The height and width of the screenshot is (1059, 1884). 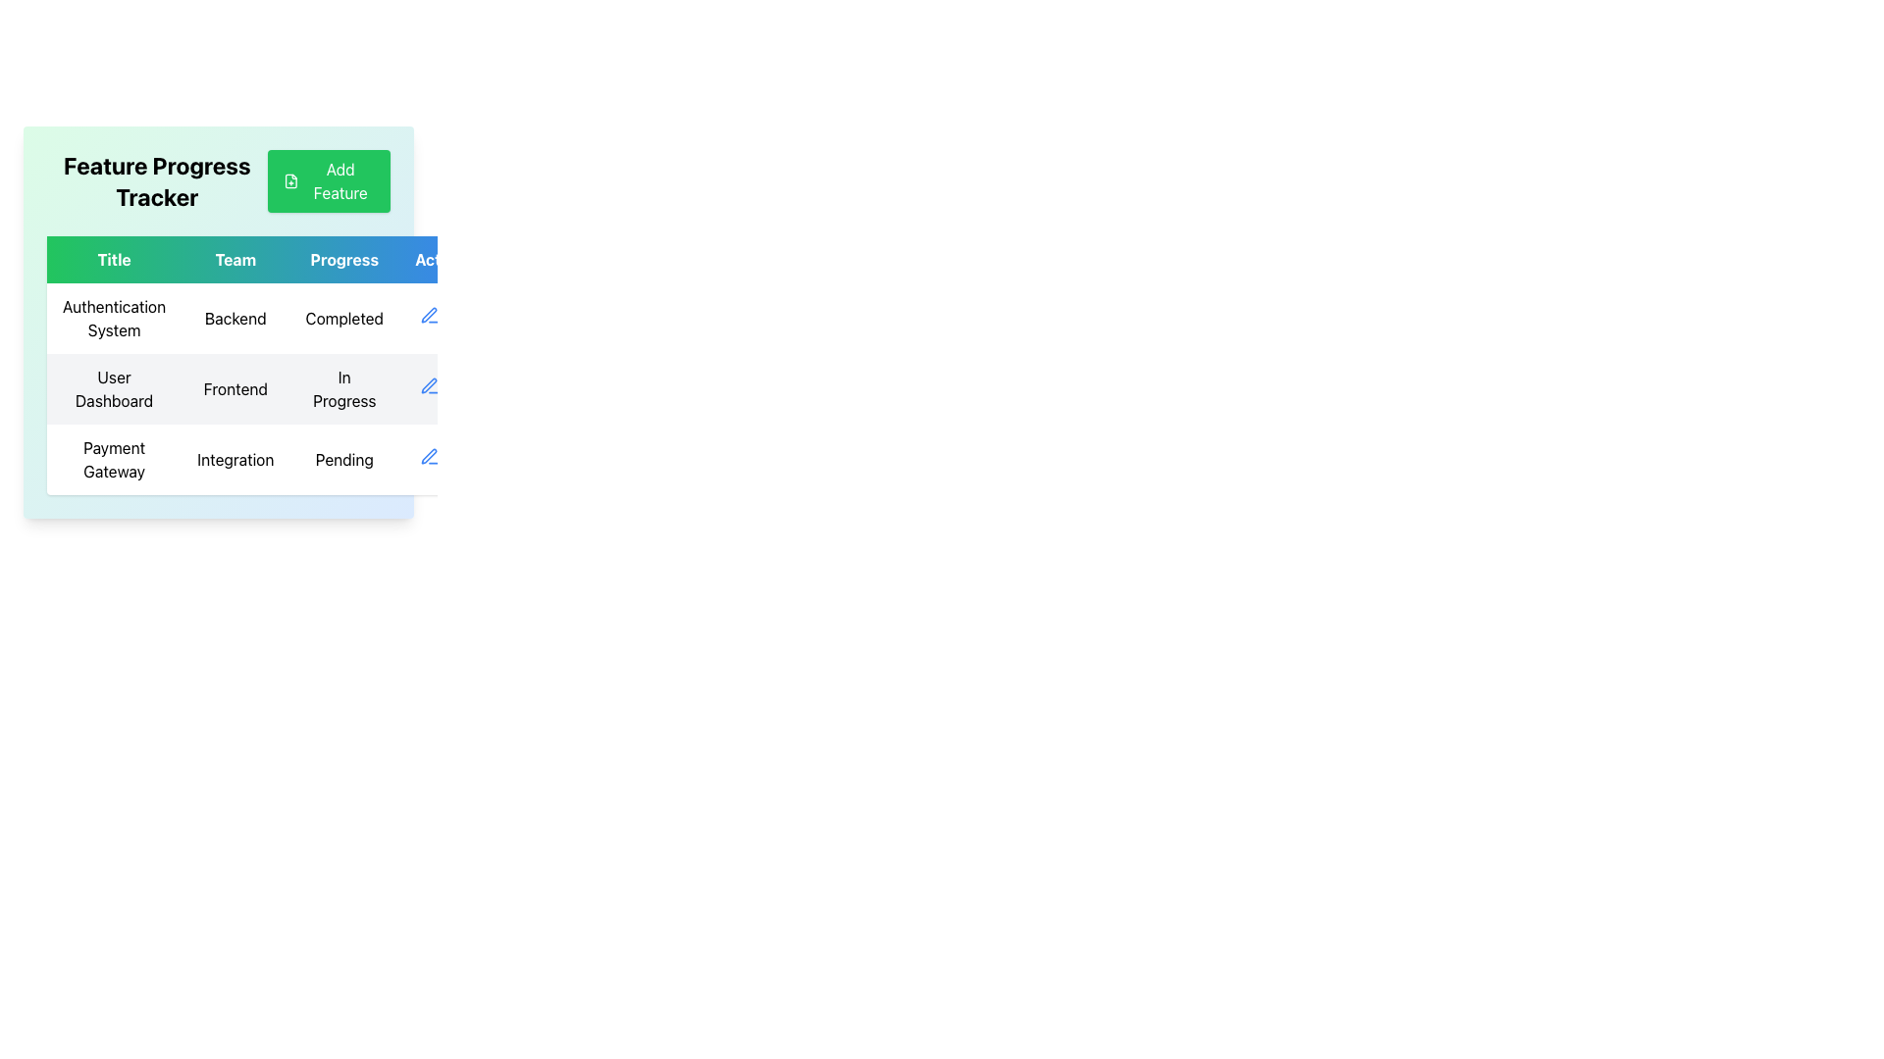 I want to click on the static text label that indicates the status of the 'Payment Gateway' task as 'Pending', located in the third cell of the 'Progress' column, so click(x=344, y=460).